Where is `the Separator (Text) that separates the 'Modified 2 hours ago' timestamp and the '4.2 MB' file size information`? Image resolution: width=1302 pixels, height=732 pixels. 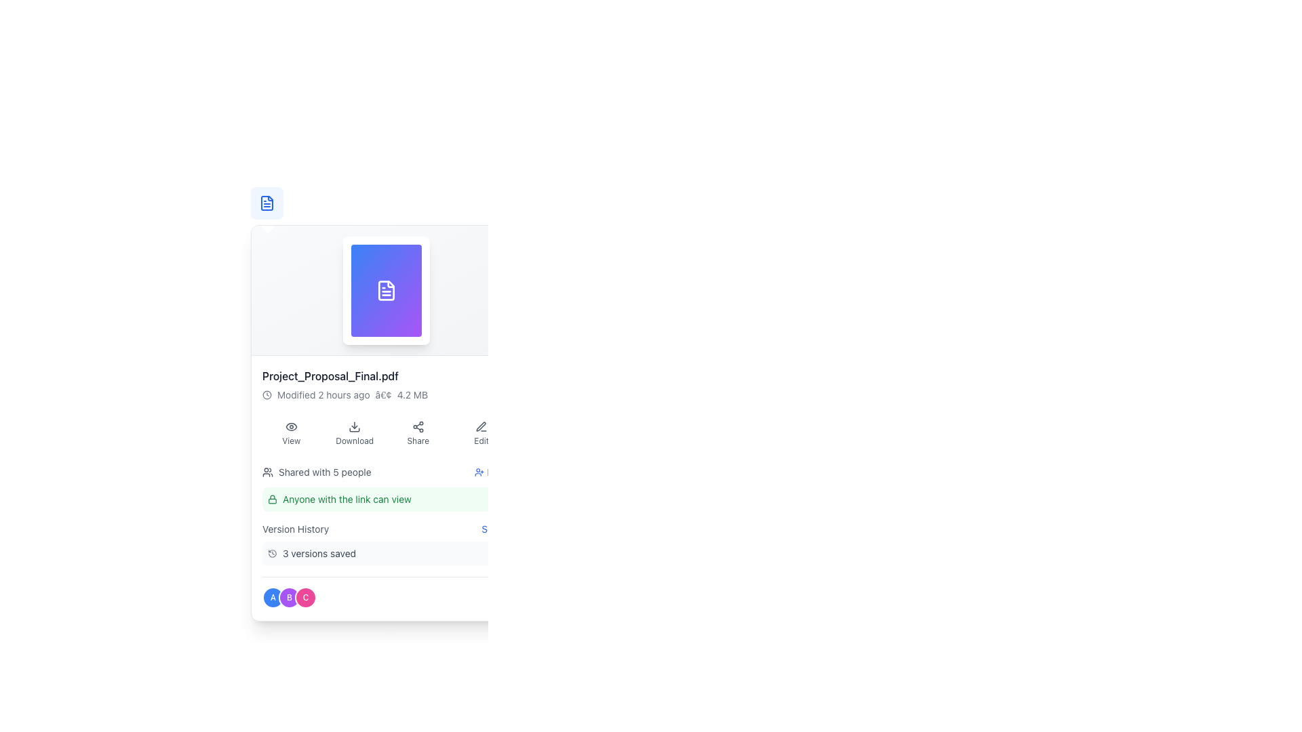 the Separator (Text) that separates the 'Modified 2 hours ago' timestamp and the '4.2 MB' file size information is located at coordinates (382, 394).